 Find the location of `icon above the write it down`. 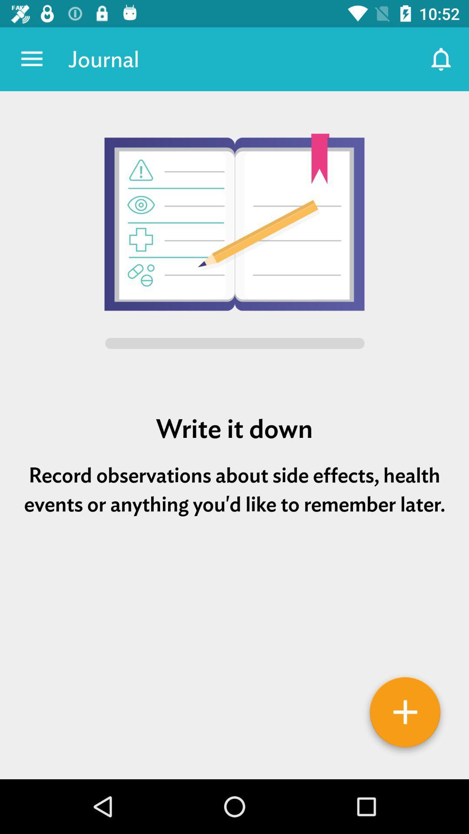

icon above the write it down is located at coordinates (234, 243).